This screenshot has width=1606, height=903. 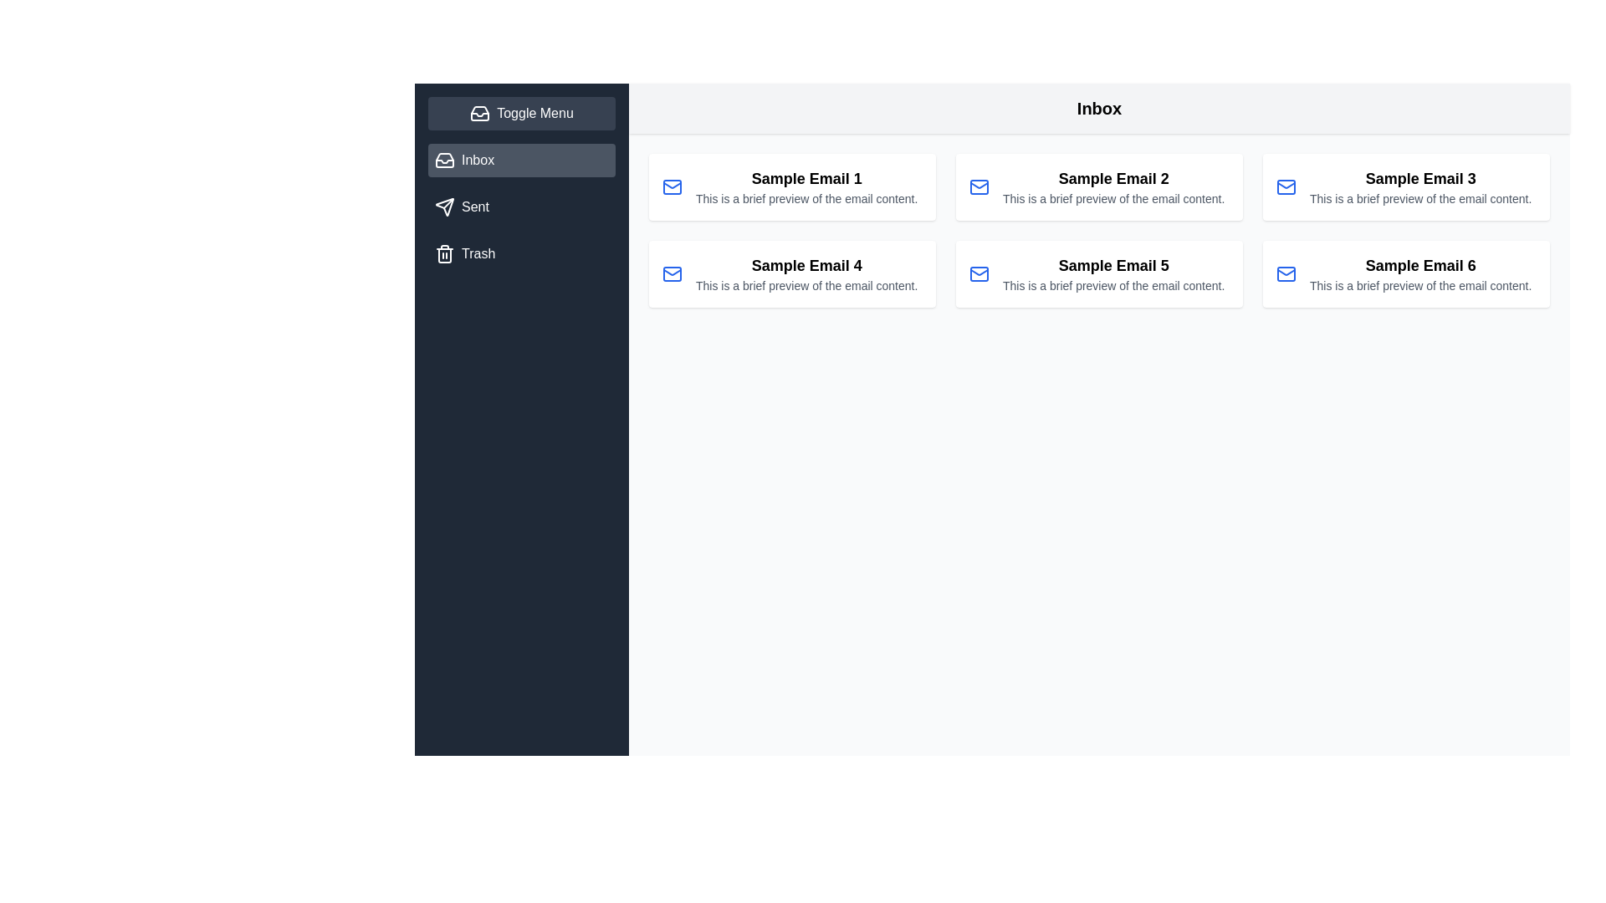 I want to click on the text element displaying 'Sample Email 6' to select the word, which is, so click(x=1419, y=264).